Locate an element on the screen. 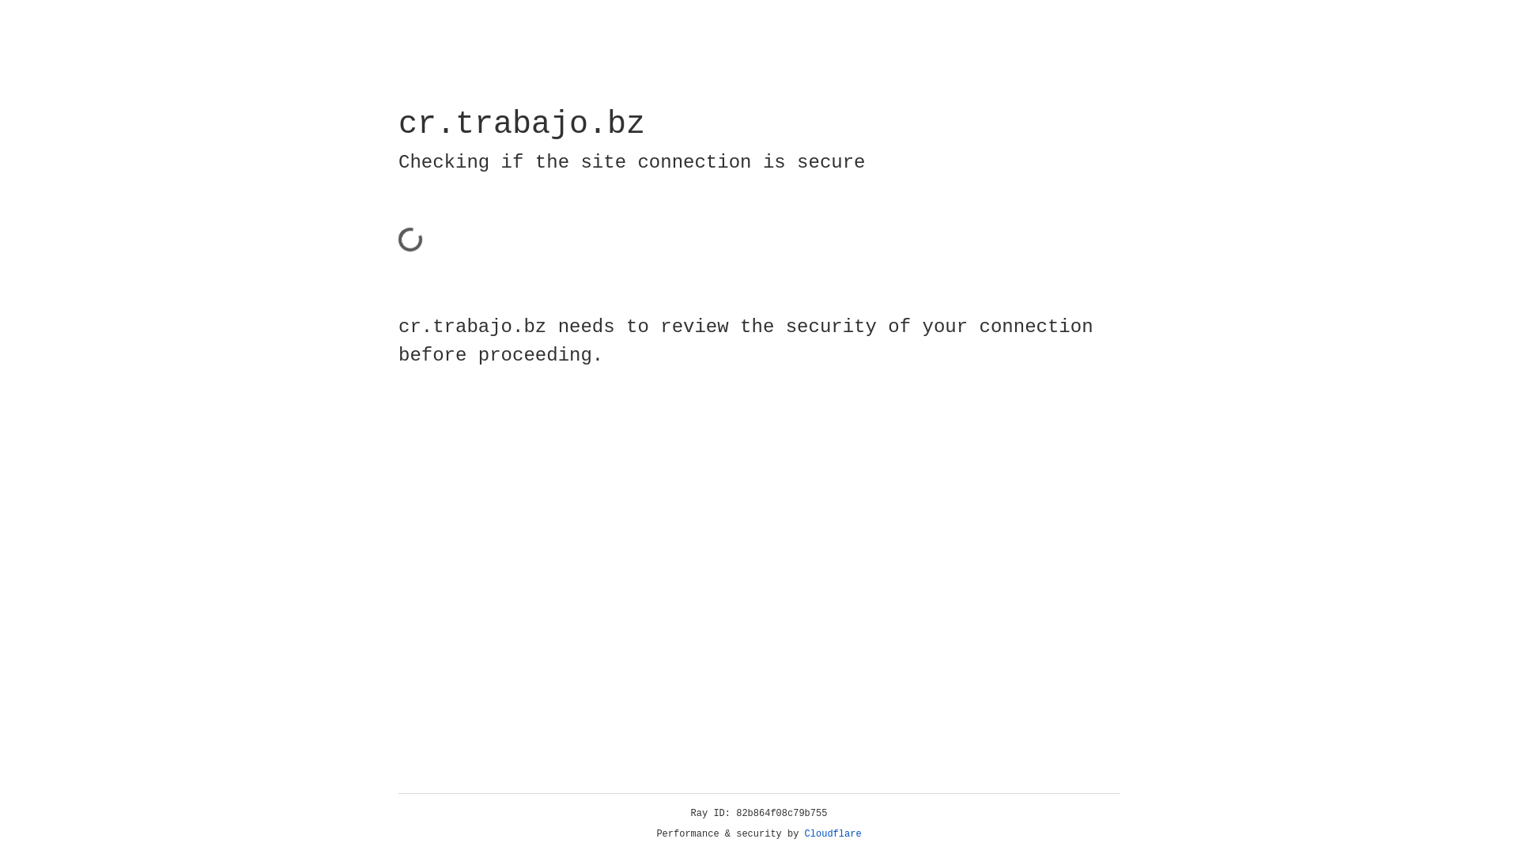  'Cloudflare' is located at coordinates (833, 833).